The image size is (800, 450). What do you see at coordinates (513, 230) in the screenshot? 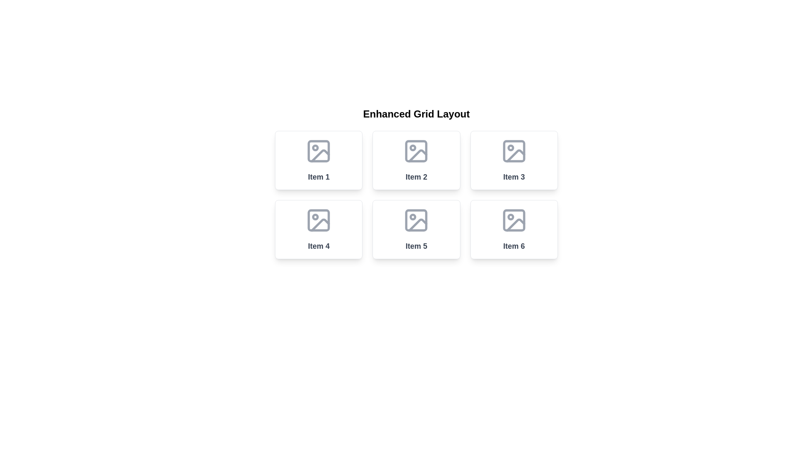
I see `the clickable card in the bottom-right corner of the grid layout, which features an icon of a framed picture and the text 'Item 6'` at bounding box center [513, 230].